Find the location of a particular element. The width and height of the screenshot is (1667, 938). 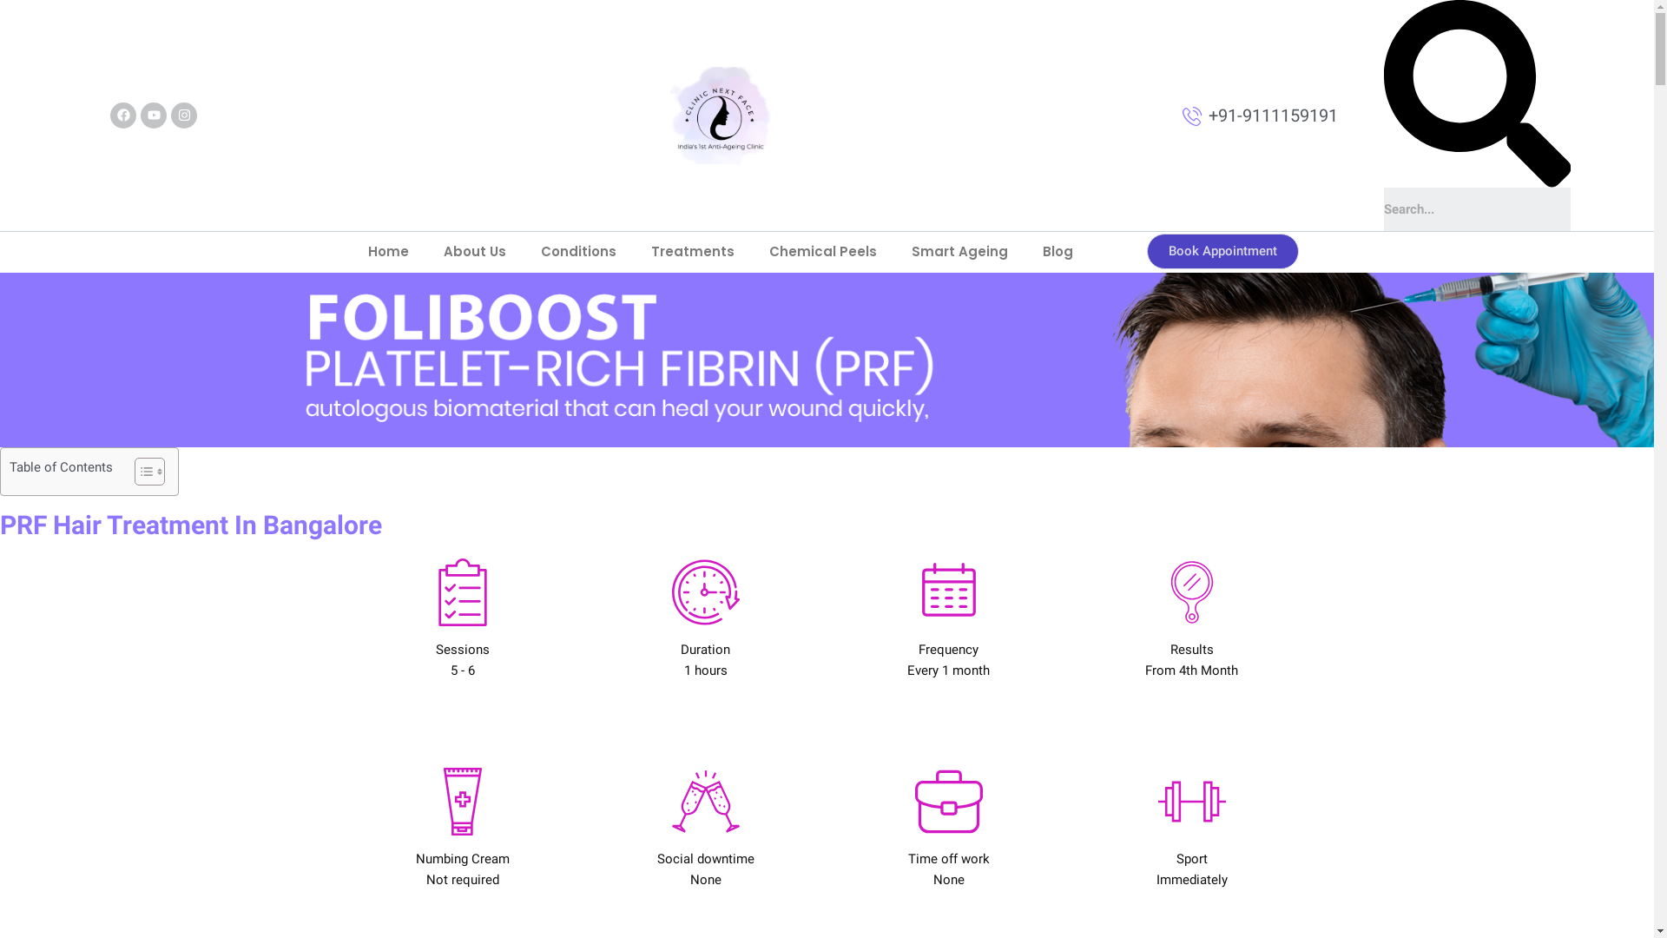

'Conditions' is located at coordinates (578, 251).